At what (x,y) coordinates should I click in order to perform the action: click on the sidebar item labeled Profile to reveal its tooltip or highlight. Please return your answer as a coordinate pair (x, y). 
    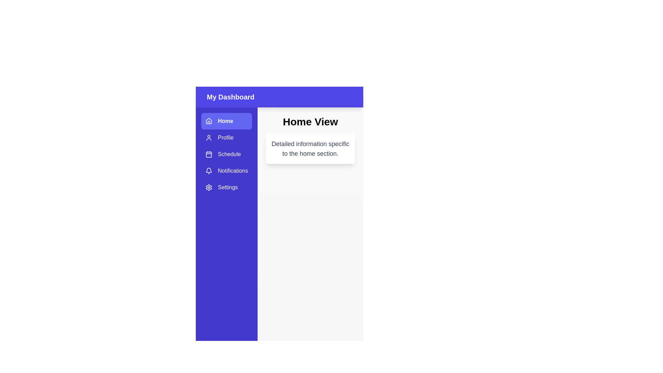
    Looking at the image, I should click on (227, 137).